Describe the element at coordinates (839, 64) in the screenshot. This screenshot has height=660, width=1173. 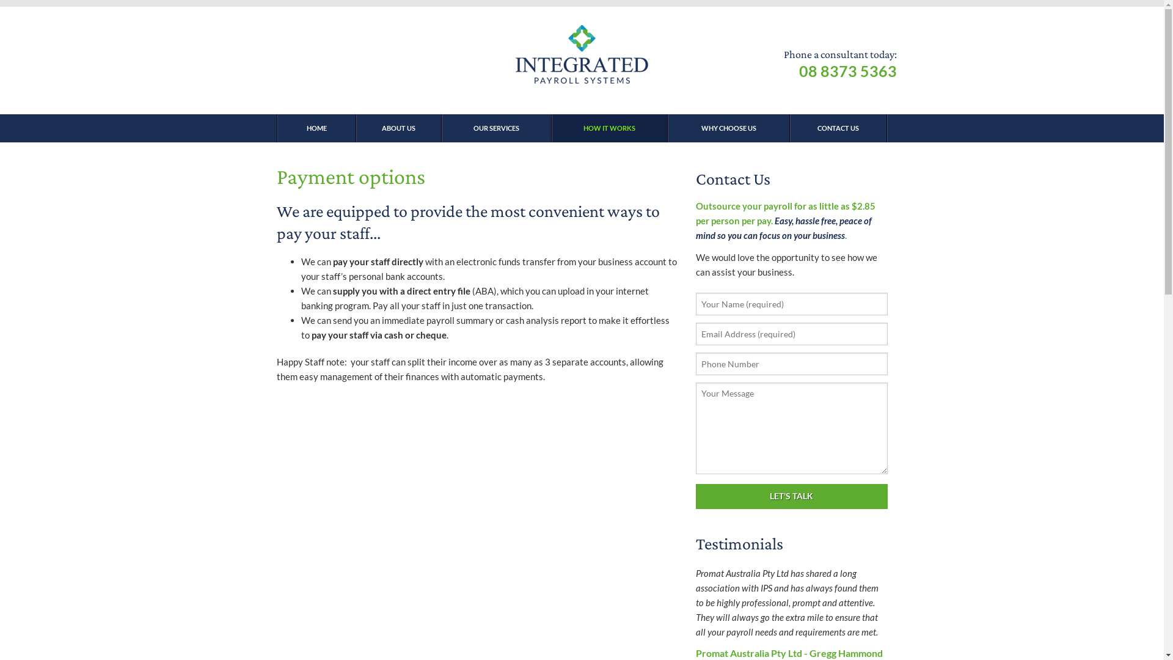
I see `'Phone a consultant today:` at that location.